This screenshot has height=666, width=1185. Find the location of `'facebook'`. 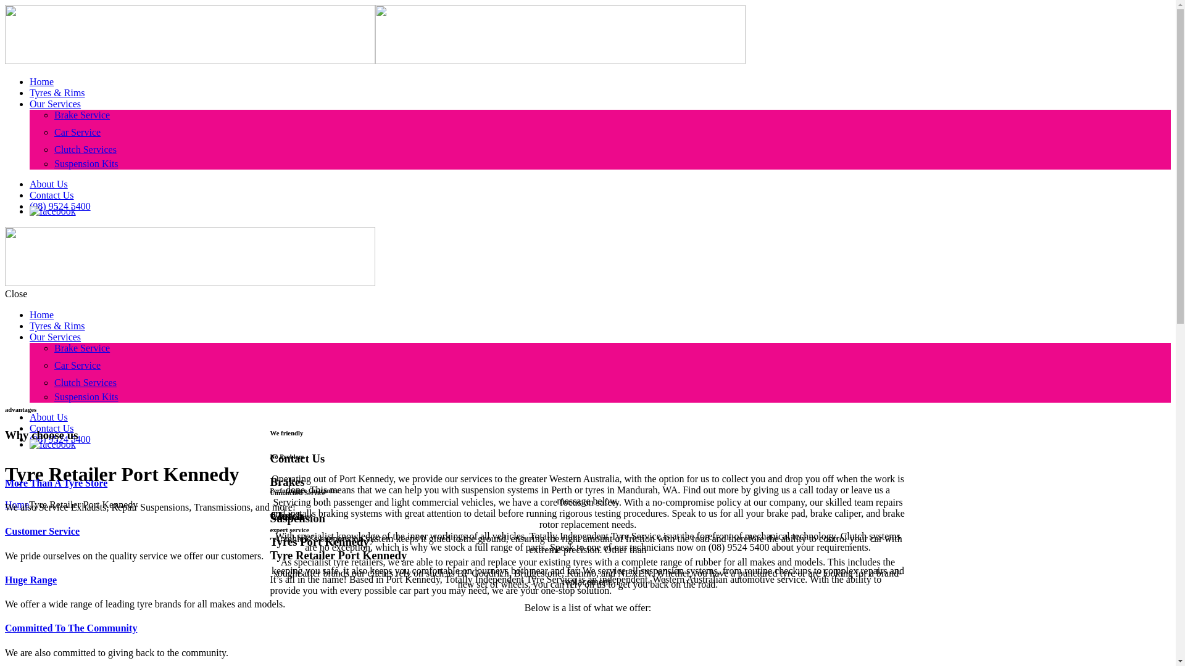

'facebook' is located at coordinates (52, 211).